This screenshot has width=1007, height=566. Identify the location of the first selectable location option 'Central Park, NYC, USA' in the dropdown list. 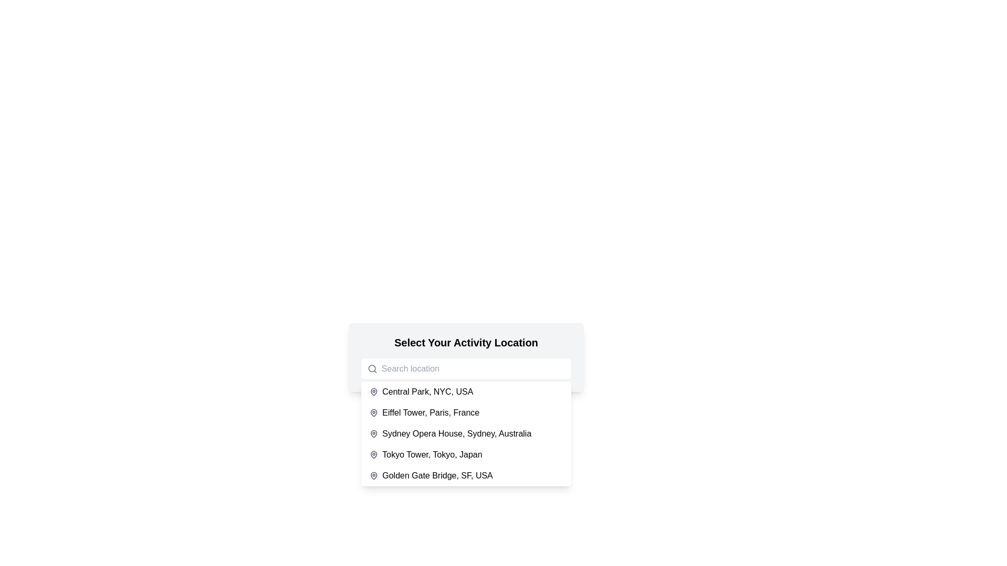
(465, 392).